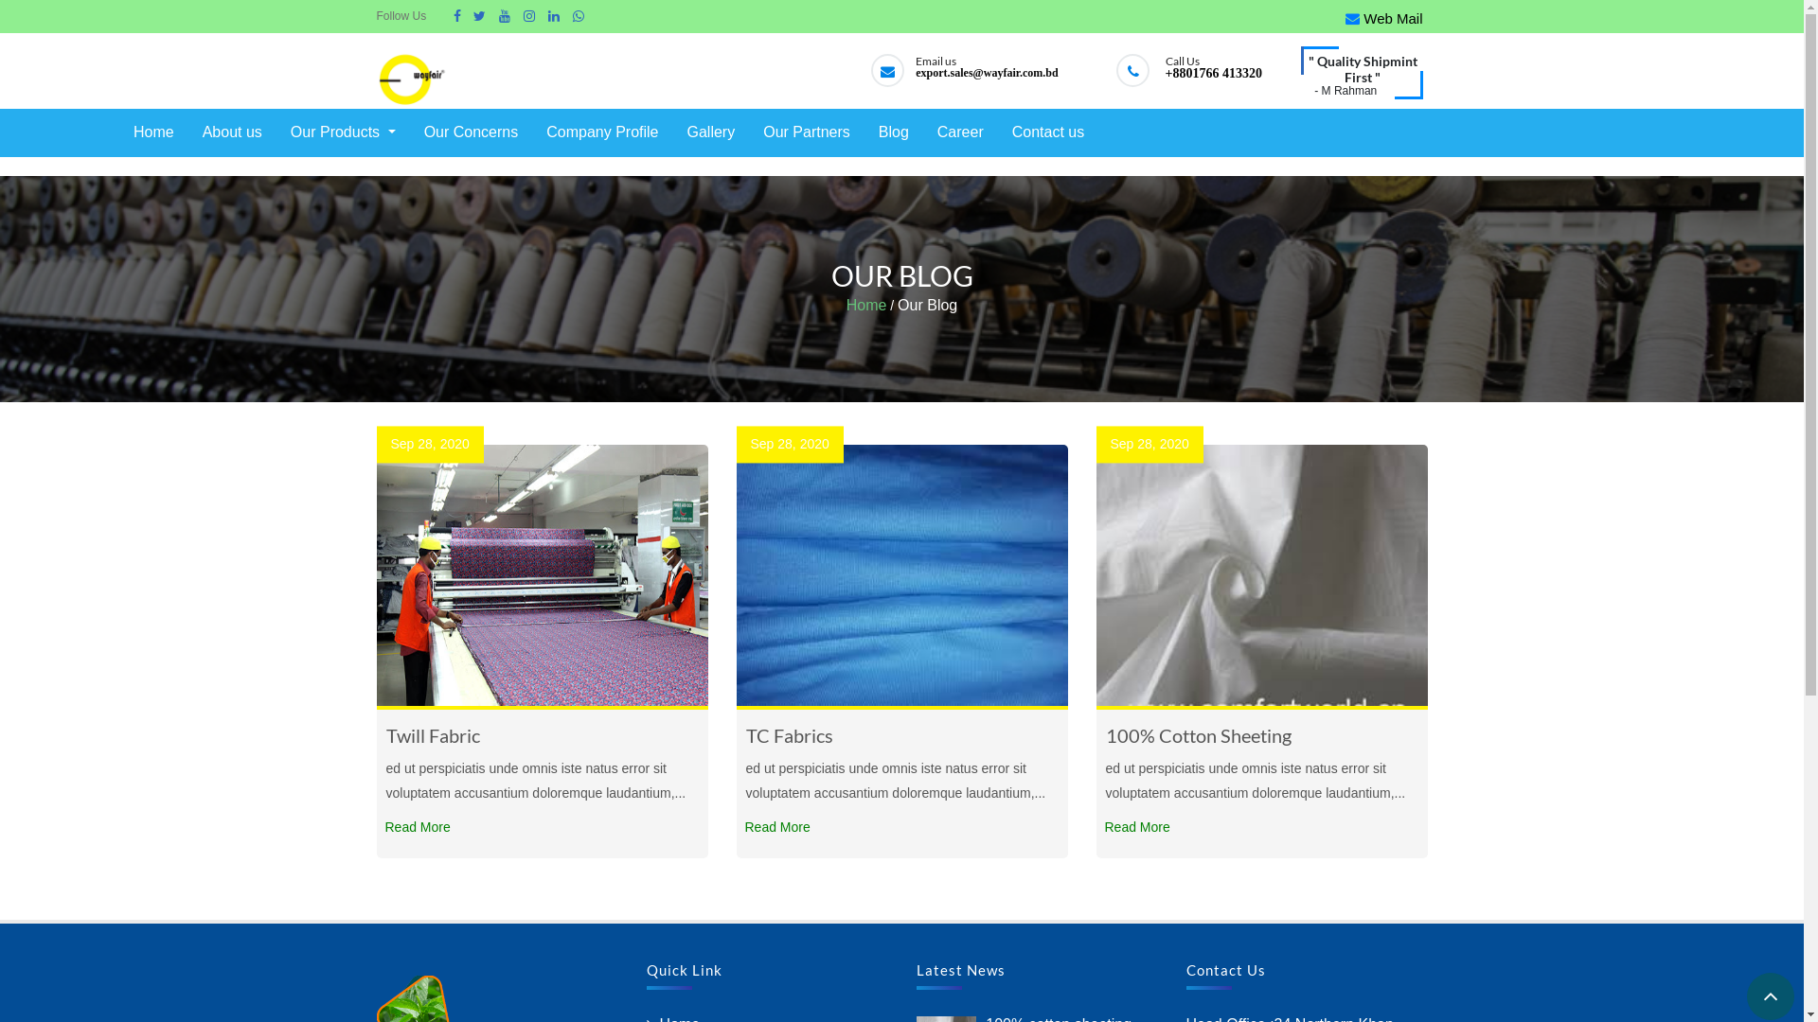  Describe the element at coordinates (740, 826) in the screenshot. I see `'Read More'` at that location.